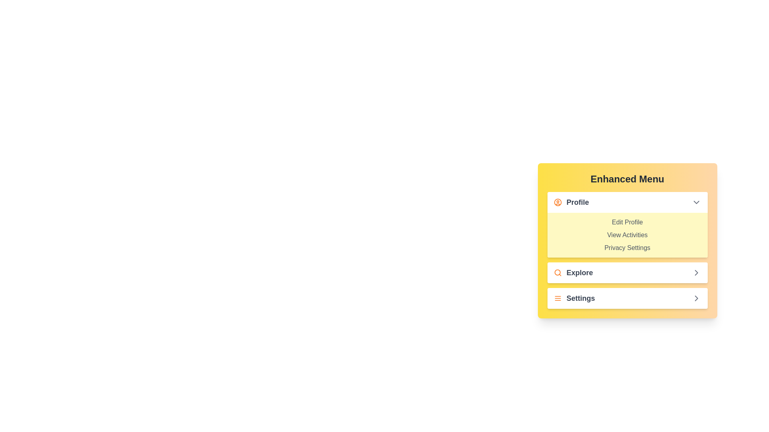  I want to click on to select an option from the Dropdown menu options list located under the 'Profile' section in the yellow 'Enhanced Menu' card, so click(627, 256).